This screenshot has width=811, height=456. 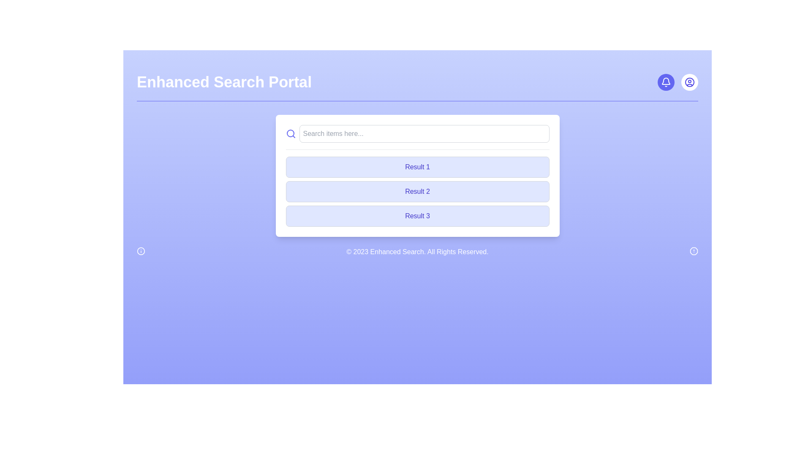 I want to click on the copyright text label displaying '© 2023 Enhanced Search. All Rights Reserved.' which is located at the bottom of the interface, centered horizontally, so click(x=417, y=252).